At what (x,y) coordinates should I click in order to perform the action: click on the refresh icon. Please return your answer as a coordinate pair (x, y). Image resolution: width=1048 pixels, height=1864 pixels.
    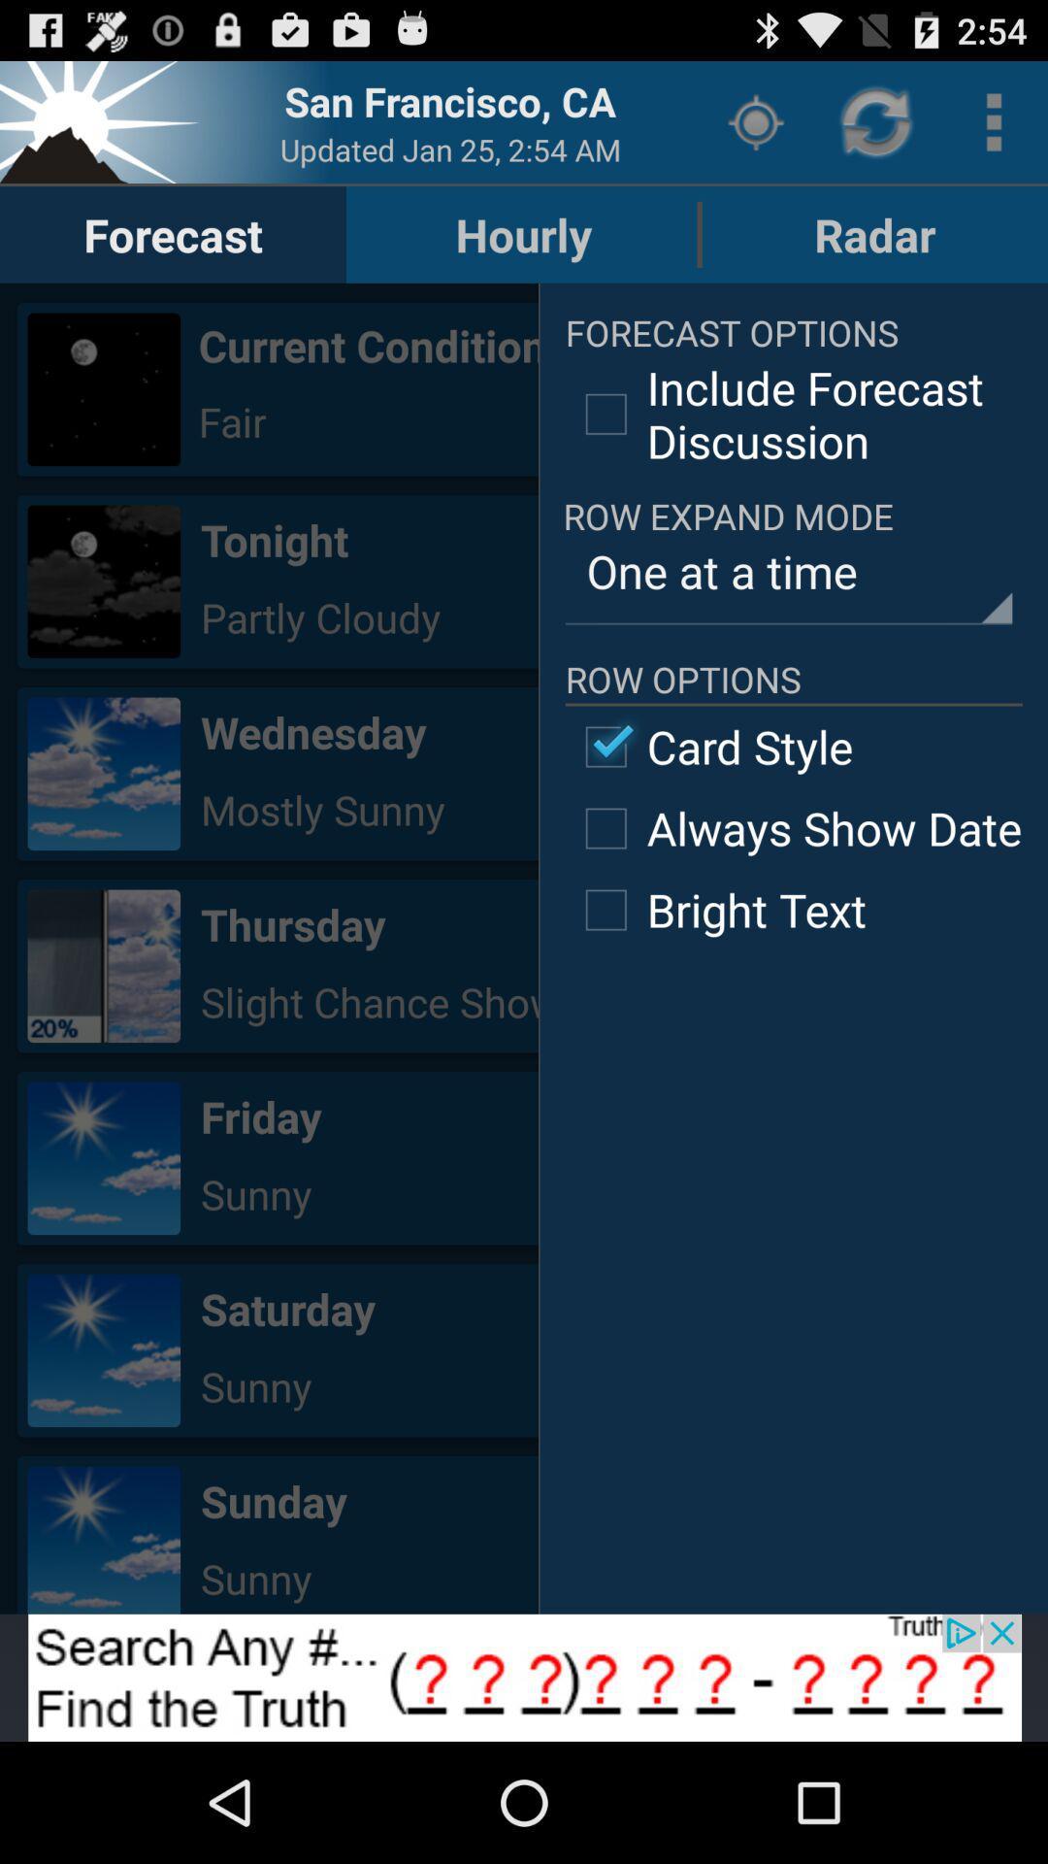
    Looking at the image, I should click on (878, 129).